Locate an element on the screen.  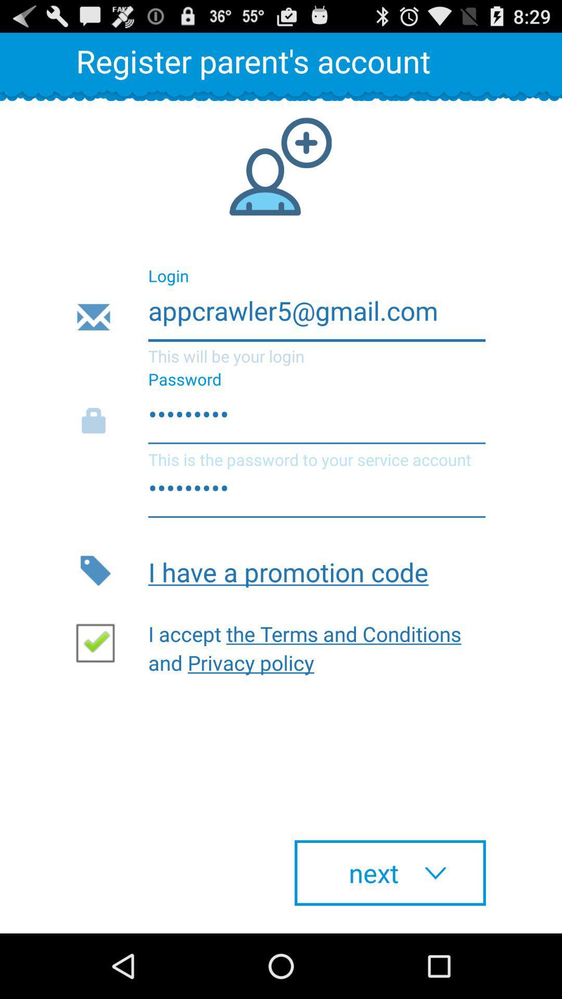
the icon above i accept the item is located at coordinates (316, 570).